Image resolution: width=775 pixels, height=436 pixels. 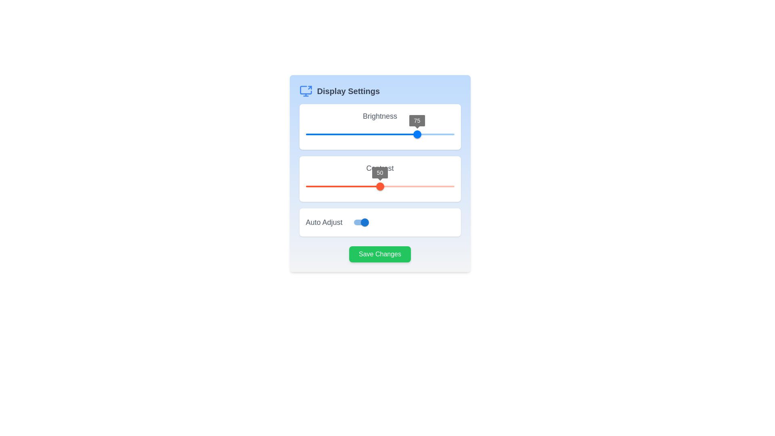 What do you see at coordinates (307, 187) in the screenshot?
I see `contrast slider` at bounding box center [307, 187].